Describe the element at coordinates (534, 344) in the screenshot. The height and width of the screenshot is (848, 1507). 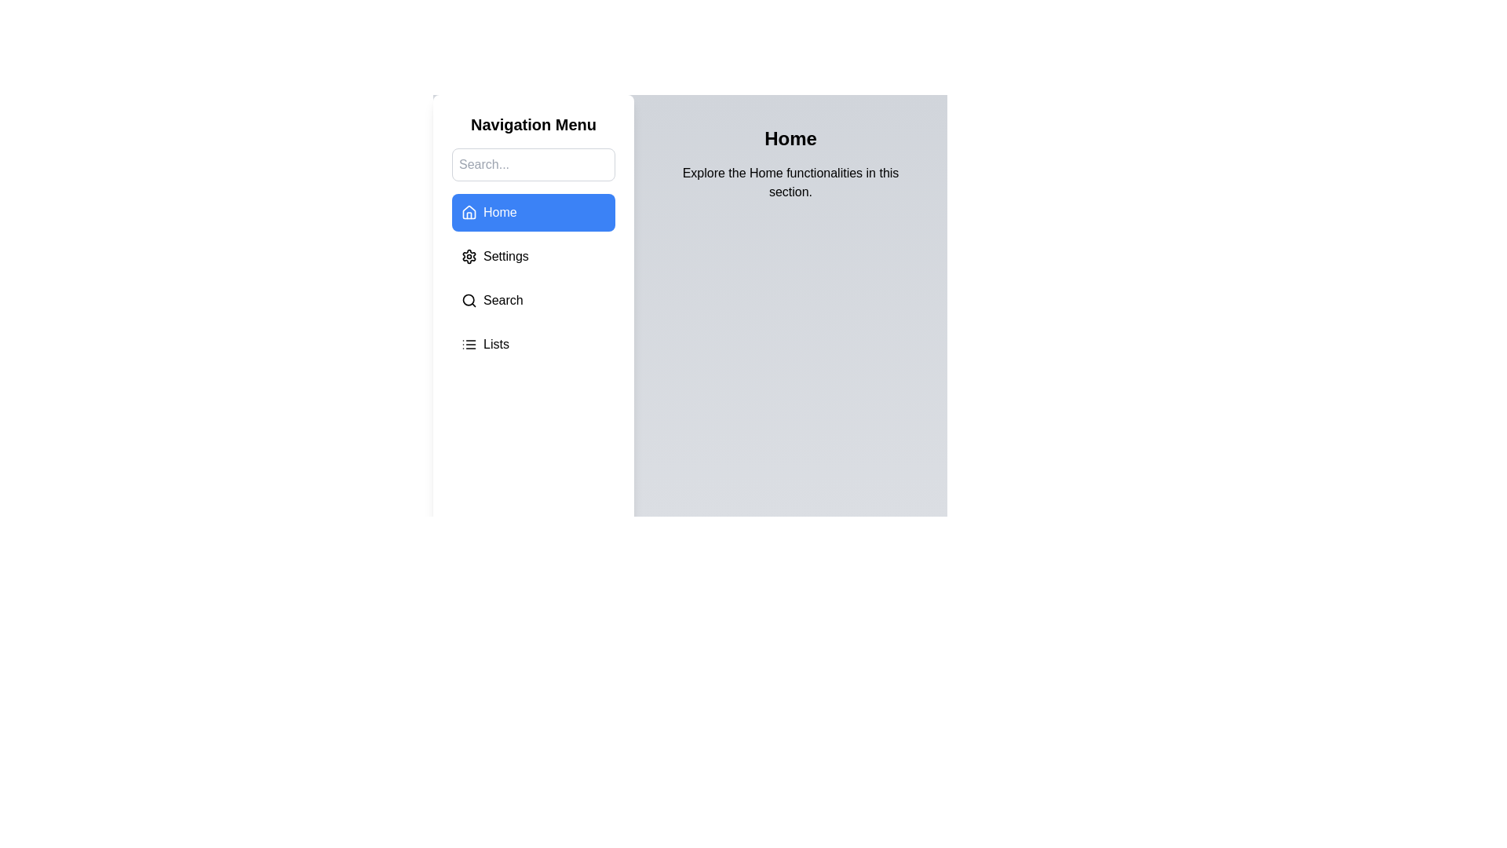
I see `the Lists section from the menu` at that location.